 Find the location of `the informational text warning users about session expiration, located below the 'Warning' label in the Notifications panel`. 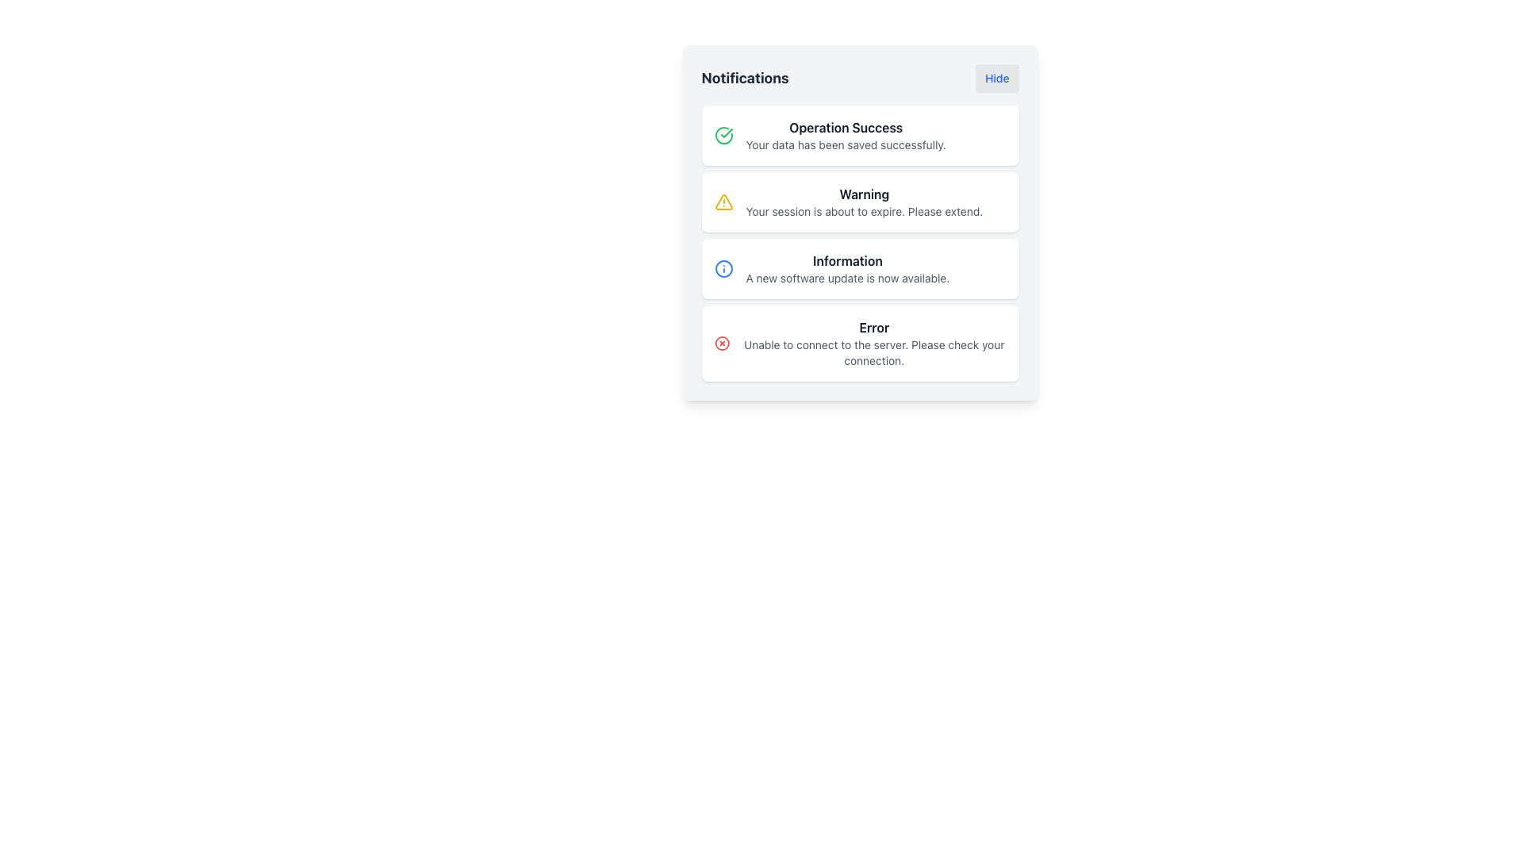

the informational text warning users about session expiration, located below the 'Warning' label in the Notifications panel is located at coordinates (863, 210).